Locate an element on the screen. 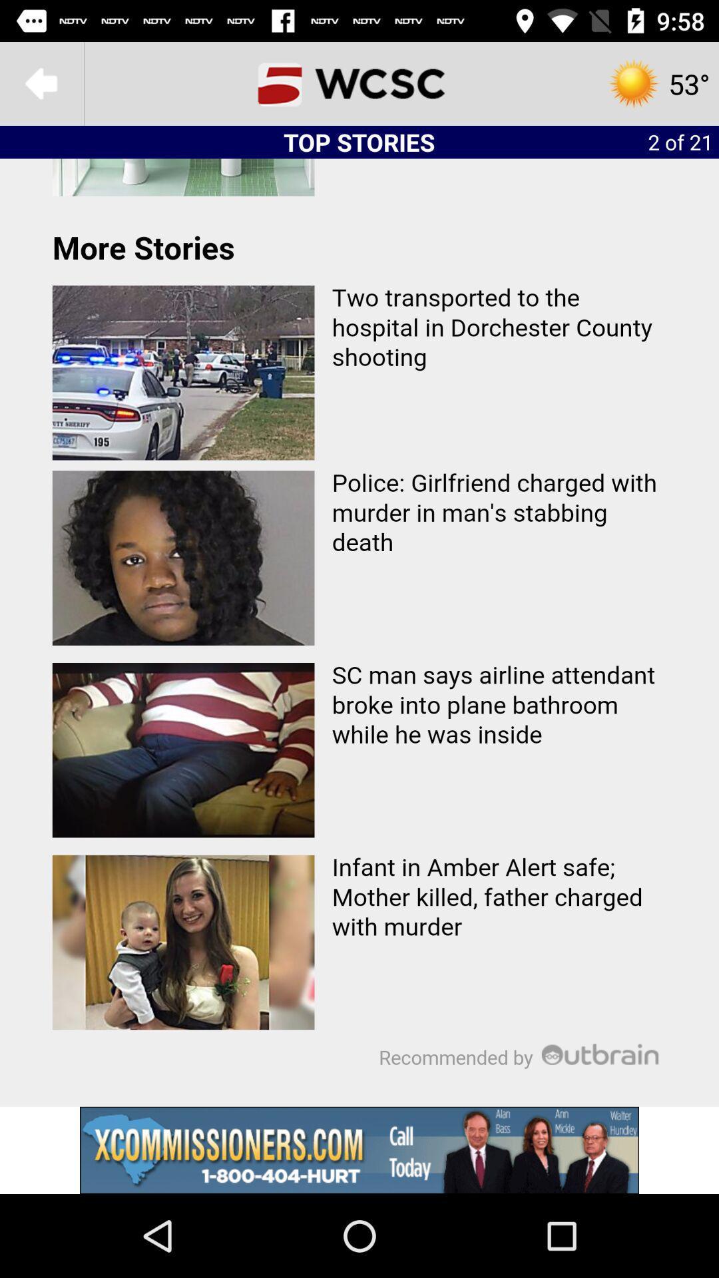 Image resolution: width=719 pixels, height=1278 pixels. tap to view advertisement for xcommissioners.com is located at coordinates (359, 1150).